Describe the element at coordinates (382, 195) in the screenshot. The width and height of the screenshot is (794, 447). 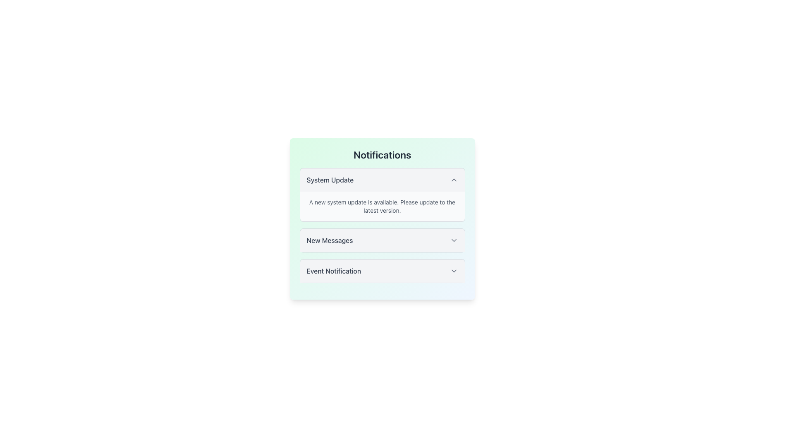
I see `the first notification card within the 'Notifications' section that informs the user about a system update` at that location.